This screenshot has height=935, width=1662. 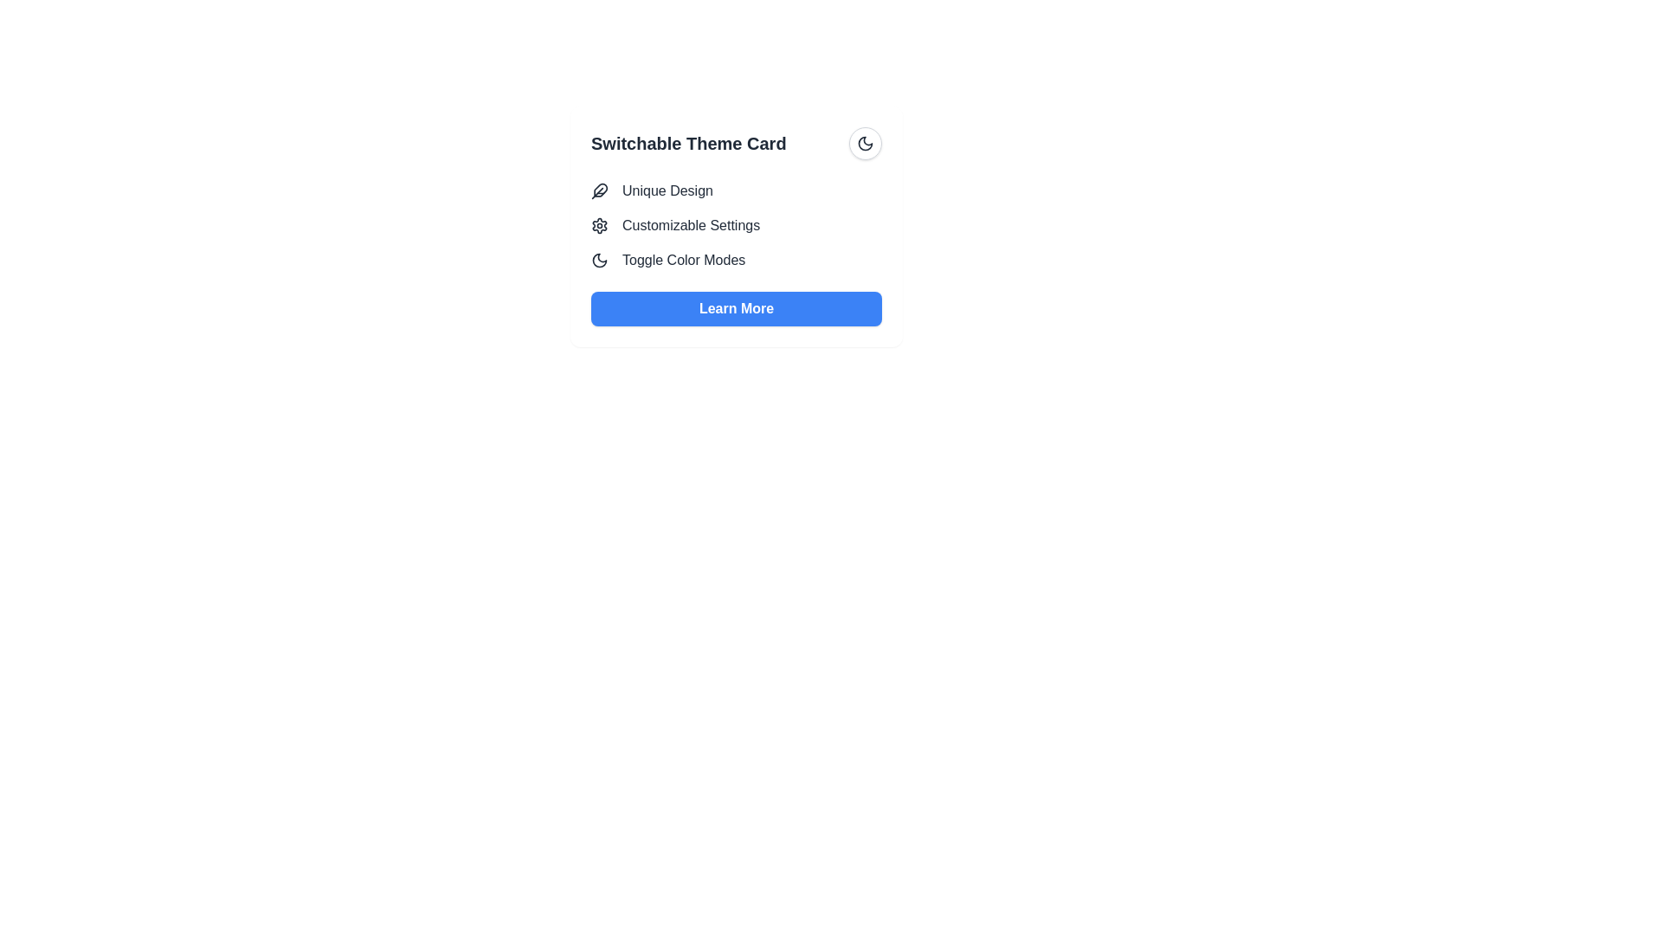 What do you see at coordinates (865, 142) in the screenshot?
I see `the moon-shaped icon` at bounding box center [865, 142].